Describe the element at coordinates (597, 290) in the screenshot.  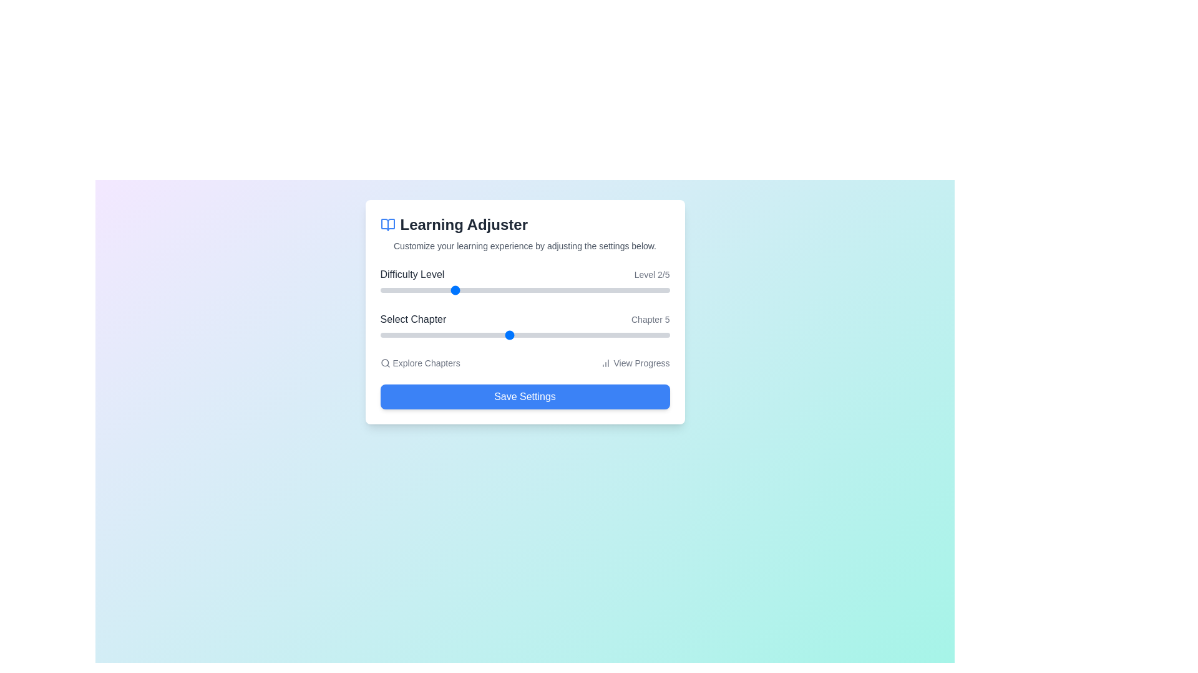
I see `the learning difficulty level` at that location.